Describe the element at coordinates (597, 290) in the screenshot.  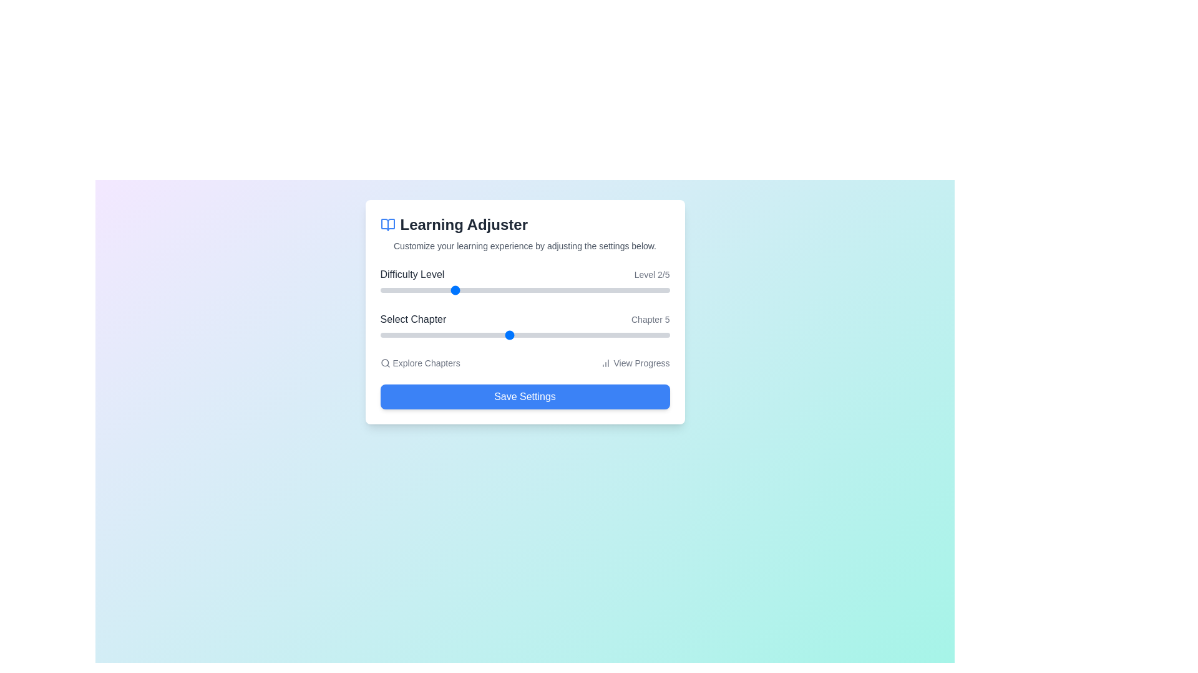
I see `the learning difficulty level` at that location.